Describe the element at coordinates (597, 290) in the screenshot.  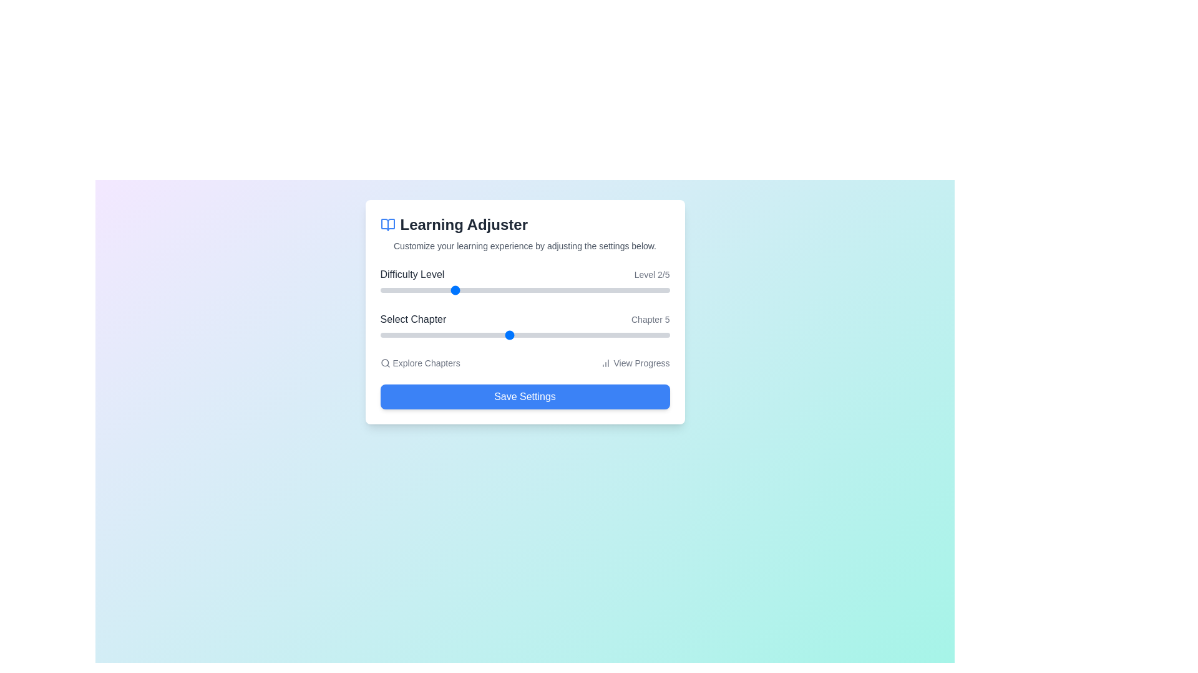
I see `the learning difficulty level` at that location.